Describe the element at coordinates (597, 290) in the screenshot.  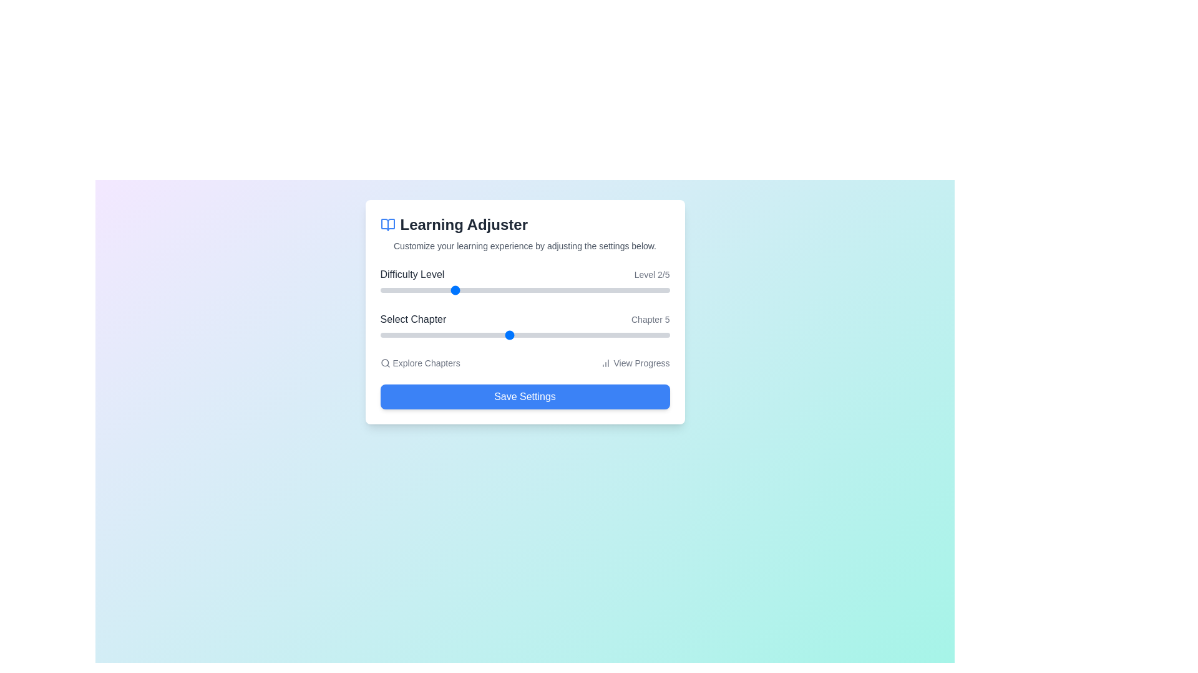
I see `the learning difficulty level` at that location.